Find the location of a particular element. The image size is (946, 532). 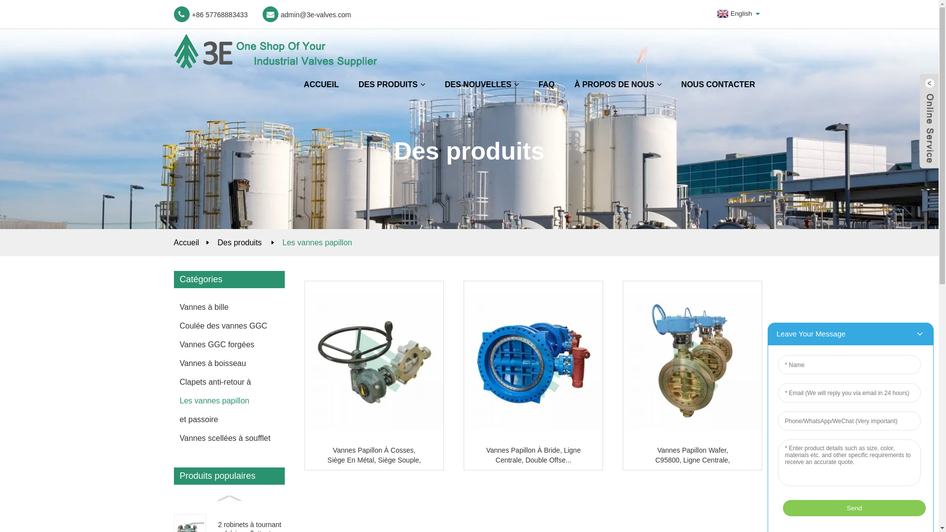

'ACCUEIL' is located at coordinates (321, 84).